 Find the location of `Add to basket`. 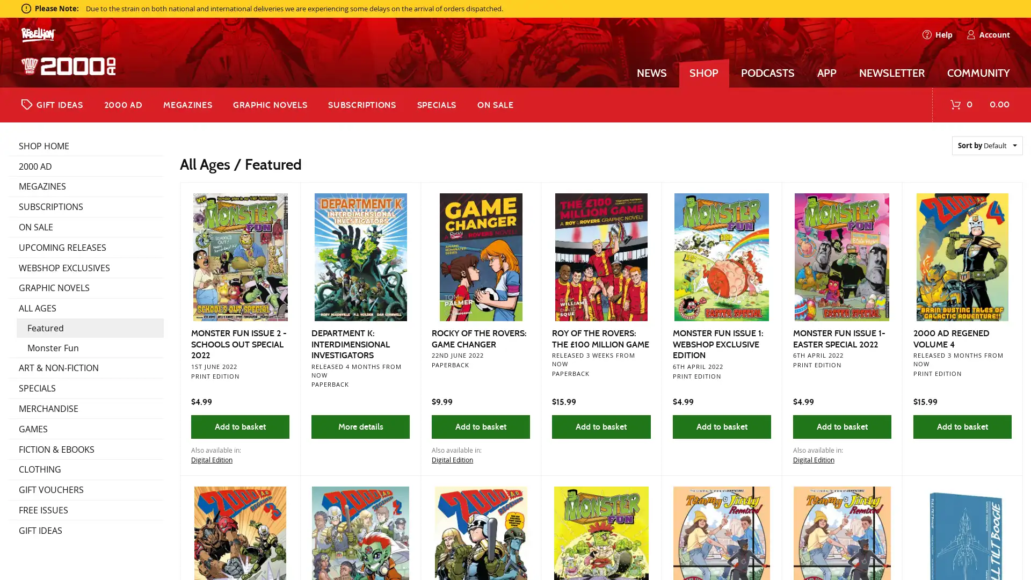

Add to basket is located at coordinates (962, 426).